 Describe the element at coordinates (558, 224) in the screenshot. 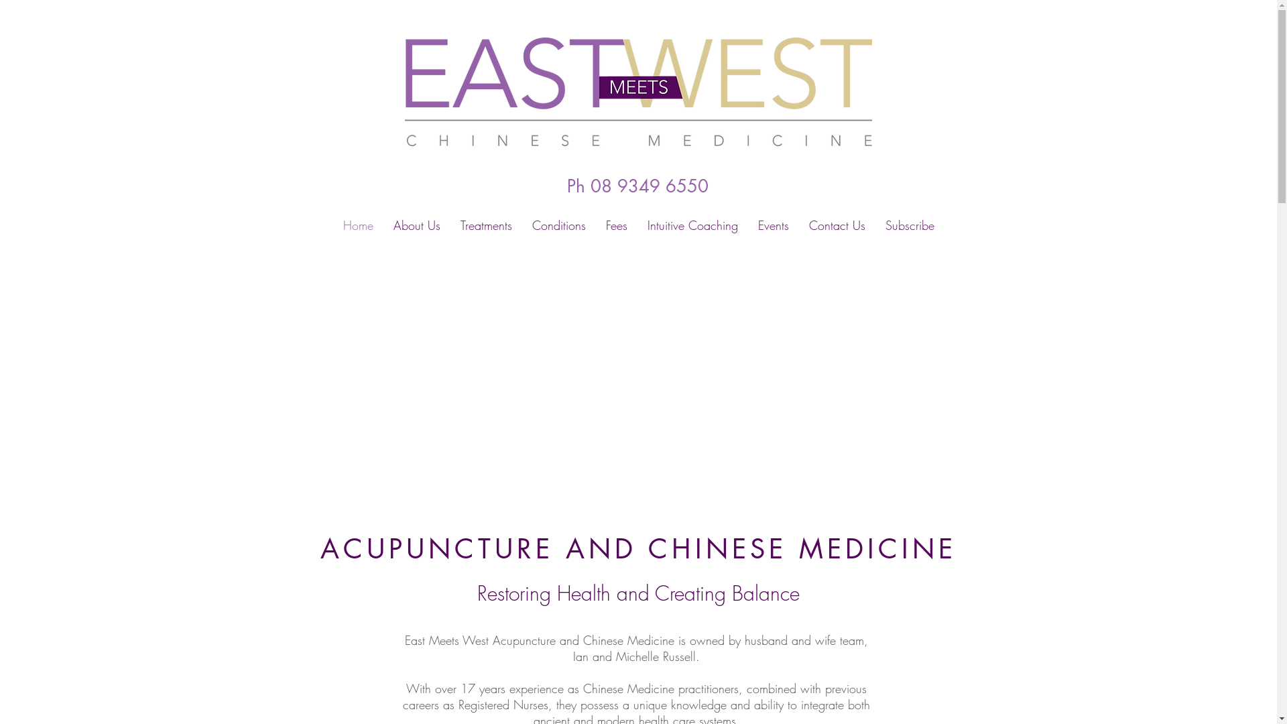

I see `'Conditions'` at that location.